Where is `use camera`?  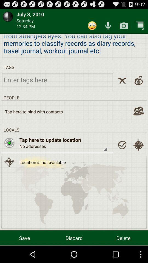
use camera is located at coordinates (124, 25).